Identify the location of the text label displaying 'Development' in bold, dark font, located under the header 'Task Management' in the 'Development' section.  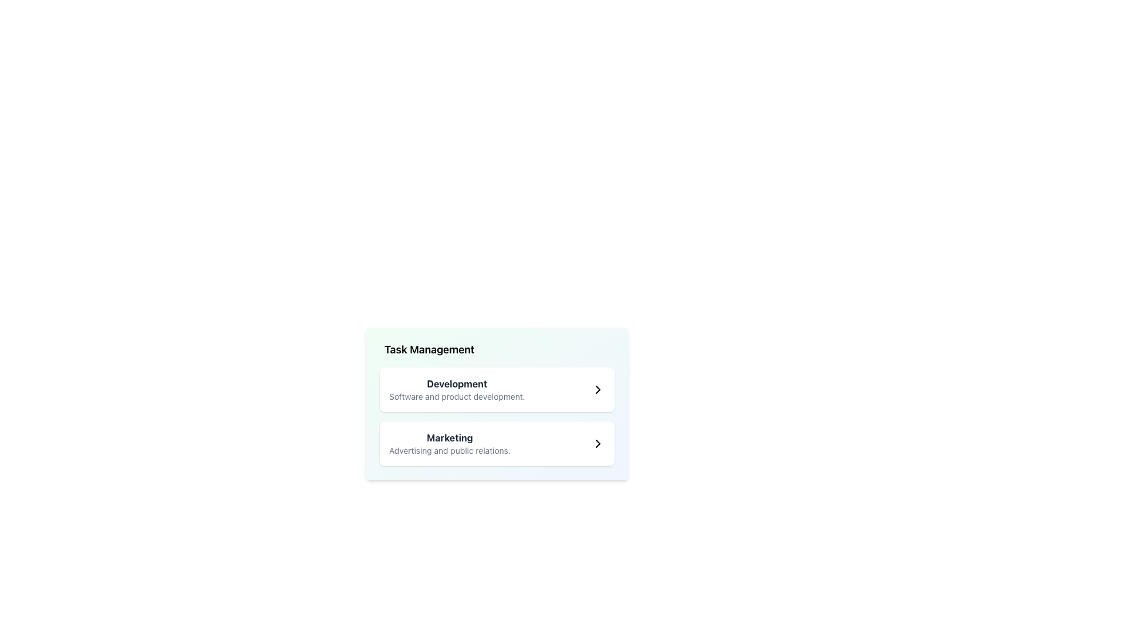
(456, 384).